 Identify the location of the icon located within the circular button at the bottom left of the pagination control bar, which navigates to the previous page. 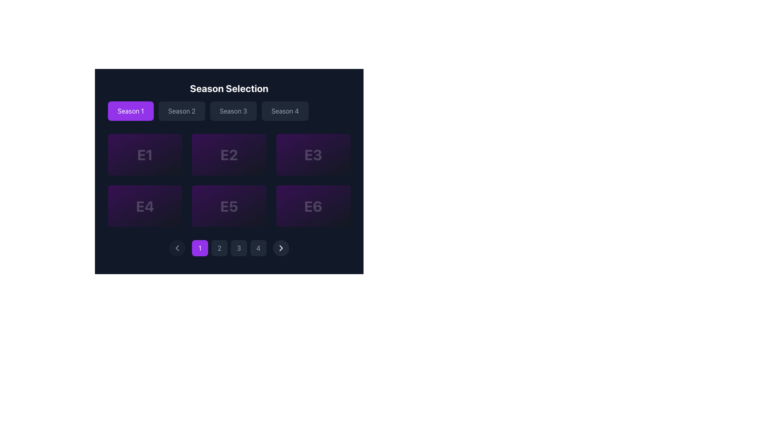
(176, 248).